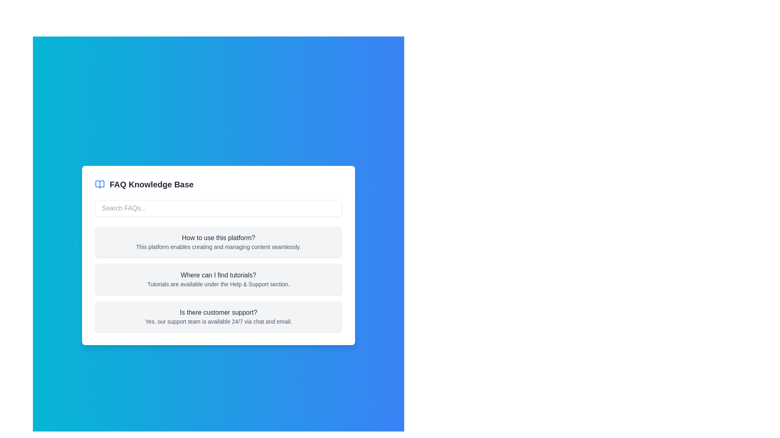 This screenshot has width=780, height=438. What do you see at coordinates (99, 185) in the screenshot?
I see `the small blue open book icon located to the left of the 'FAQ Knowledge Base' text` at bounding box center [99, 185].